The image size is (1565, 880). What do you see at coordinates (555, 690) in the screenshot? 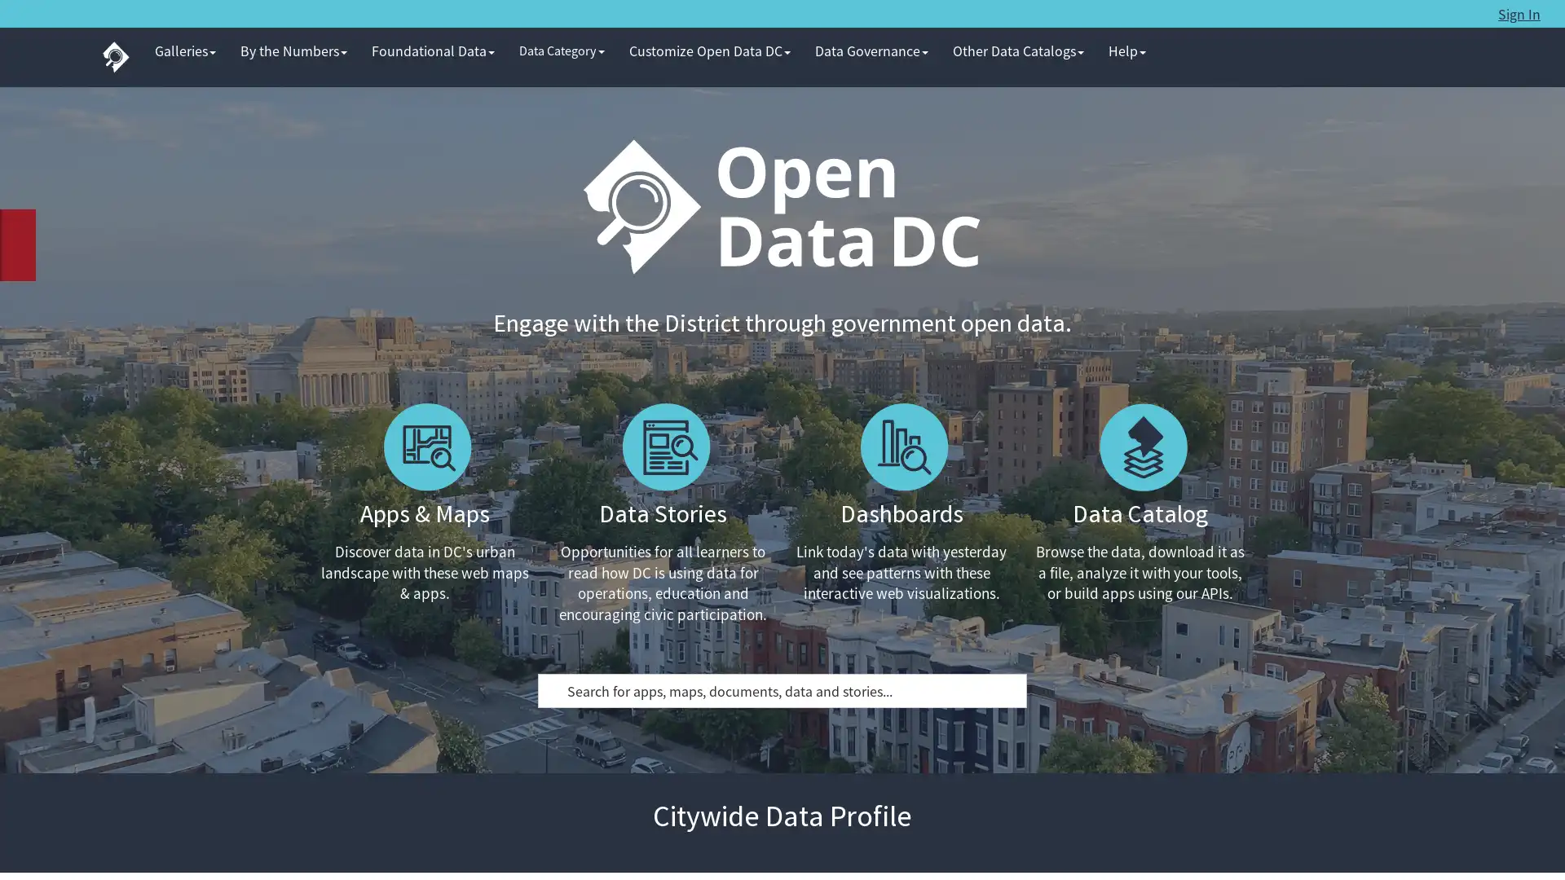
I see `Submit Search` at bounding box center [555, 690].